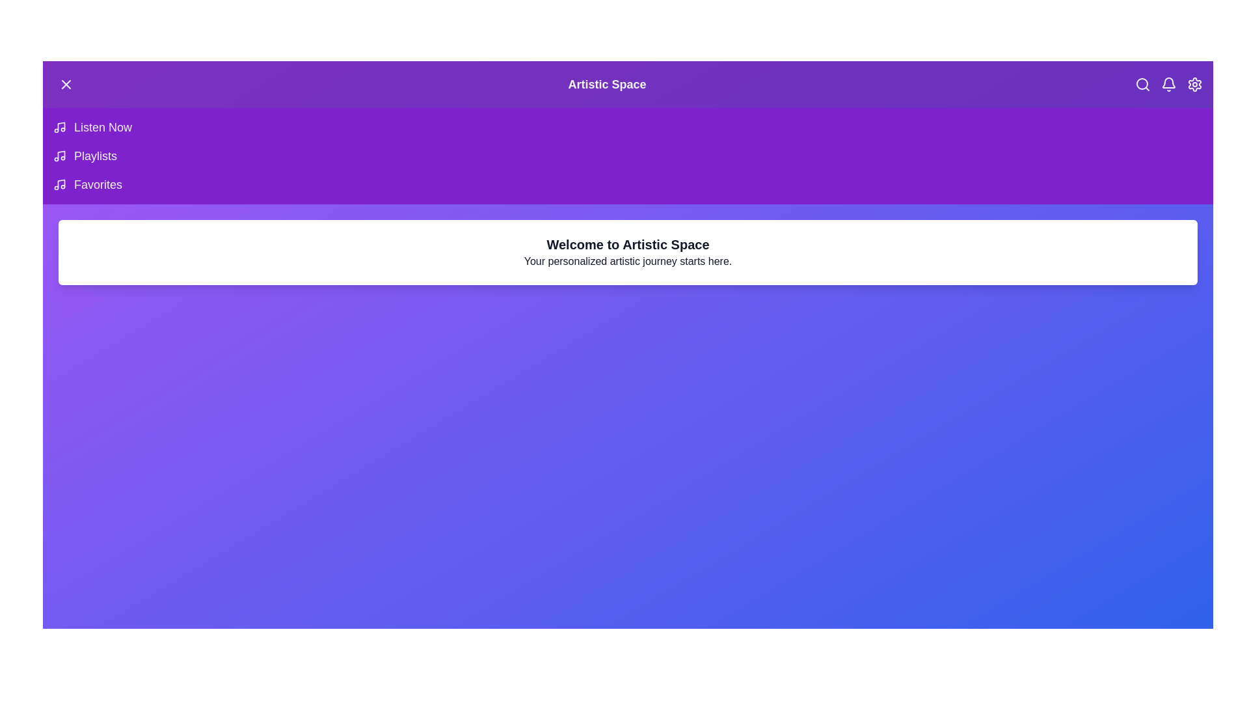  I want to click on the search icon to initiate a search action, so click(1142, 85).